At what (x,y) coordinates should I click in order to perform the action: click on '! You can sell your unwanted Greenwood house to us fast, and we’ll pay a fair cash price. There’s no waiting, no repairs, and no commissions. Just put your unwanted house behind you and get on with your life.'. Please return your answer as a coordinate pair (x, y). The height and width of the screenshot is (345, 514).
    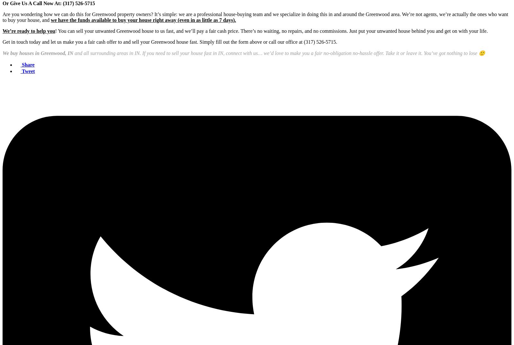
    Looking at the image, I should click on (271, 31).